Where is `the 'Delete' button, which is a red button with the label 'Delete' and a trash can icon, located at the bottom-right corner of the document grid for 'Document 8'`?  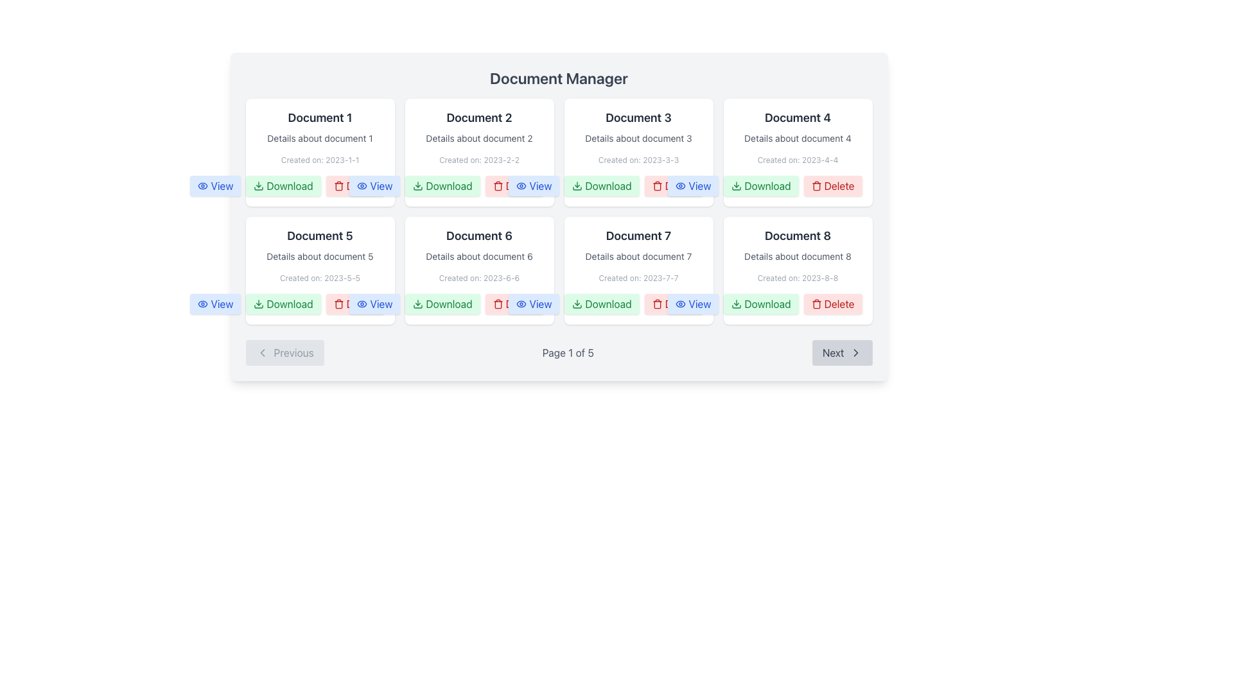 the 'Delete' button, which is a red button with the label 'Delete' and a trash can icon, located at the bottom-right corner of the document grid for 'Document 8' is located at coordinates (832, 304).